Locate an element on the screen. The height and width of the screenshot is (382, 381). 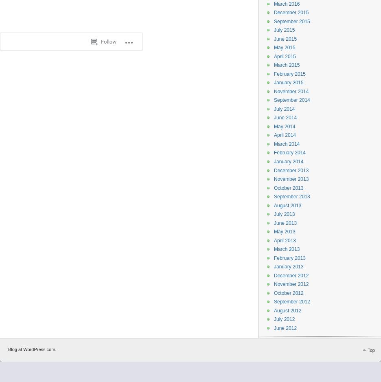
'April 2014' is located at coordinates (285, 134).